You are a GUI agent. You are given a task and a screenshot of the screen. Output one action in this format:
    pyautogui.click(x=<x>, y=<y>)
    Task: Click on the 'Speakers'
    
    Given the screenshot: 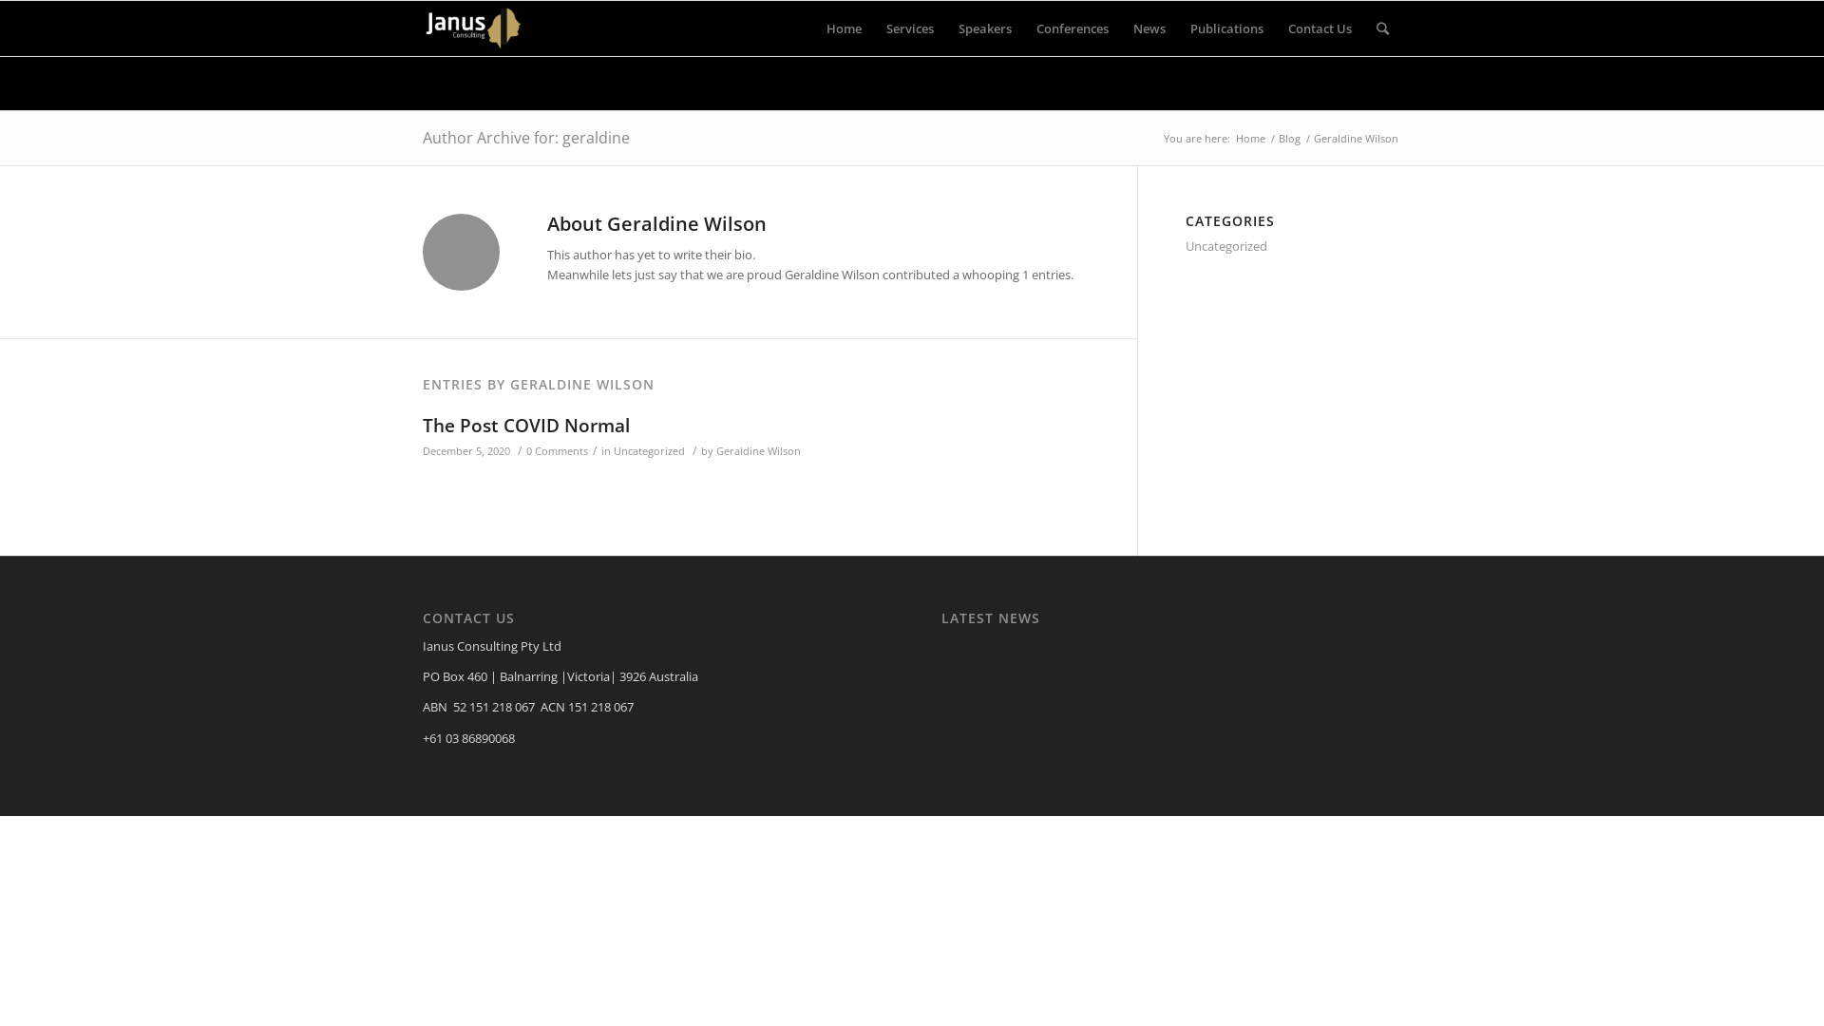 What is the action you would take?
    pyautogui.click(x=946, y=28)
    